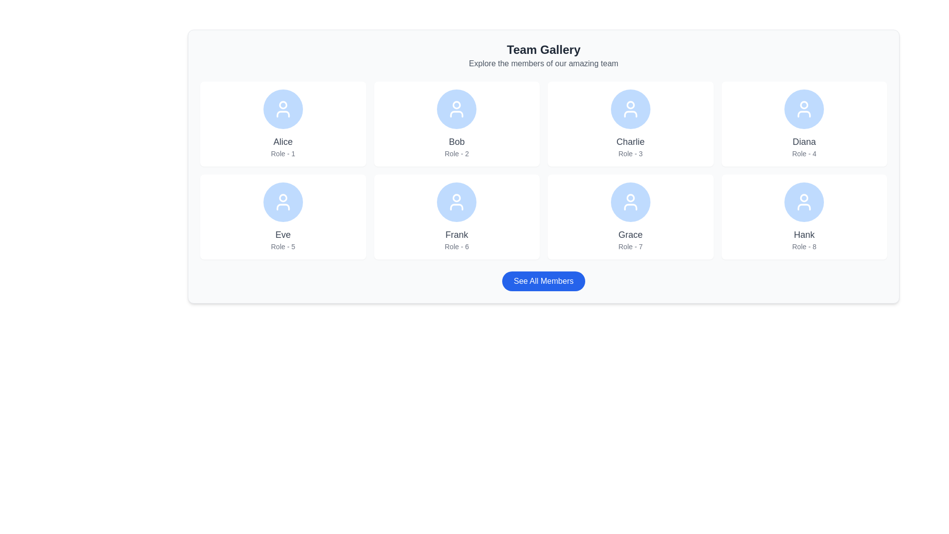  What do you see at coordinates (804, 207) in the screenshot?
I see `properties of the lower component of the user icon in the 'Hank Role - 8' card, located in the second row and fourth column of the team gallery grid` at bounding box center [804, 207].